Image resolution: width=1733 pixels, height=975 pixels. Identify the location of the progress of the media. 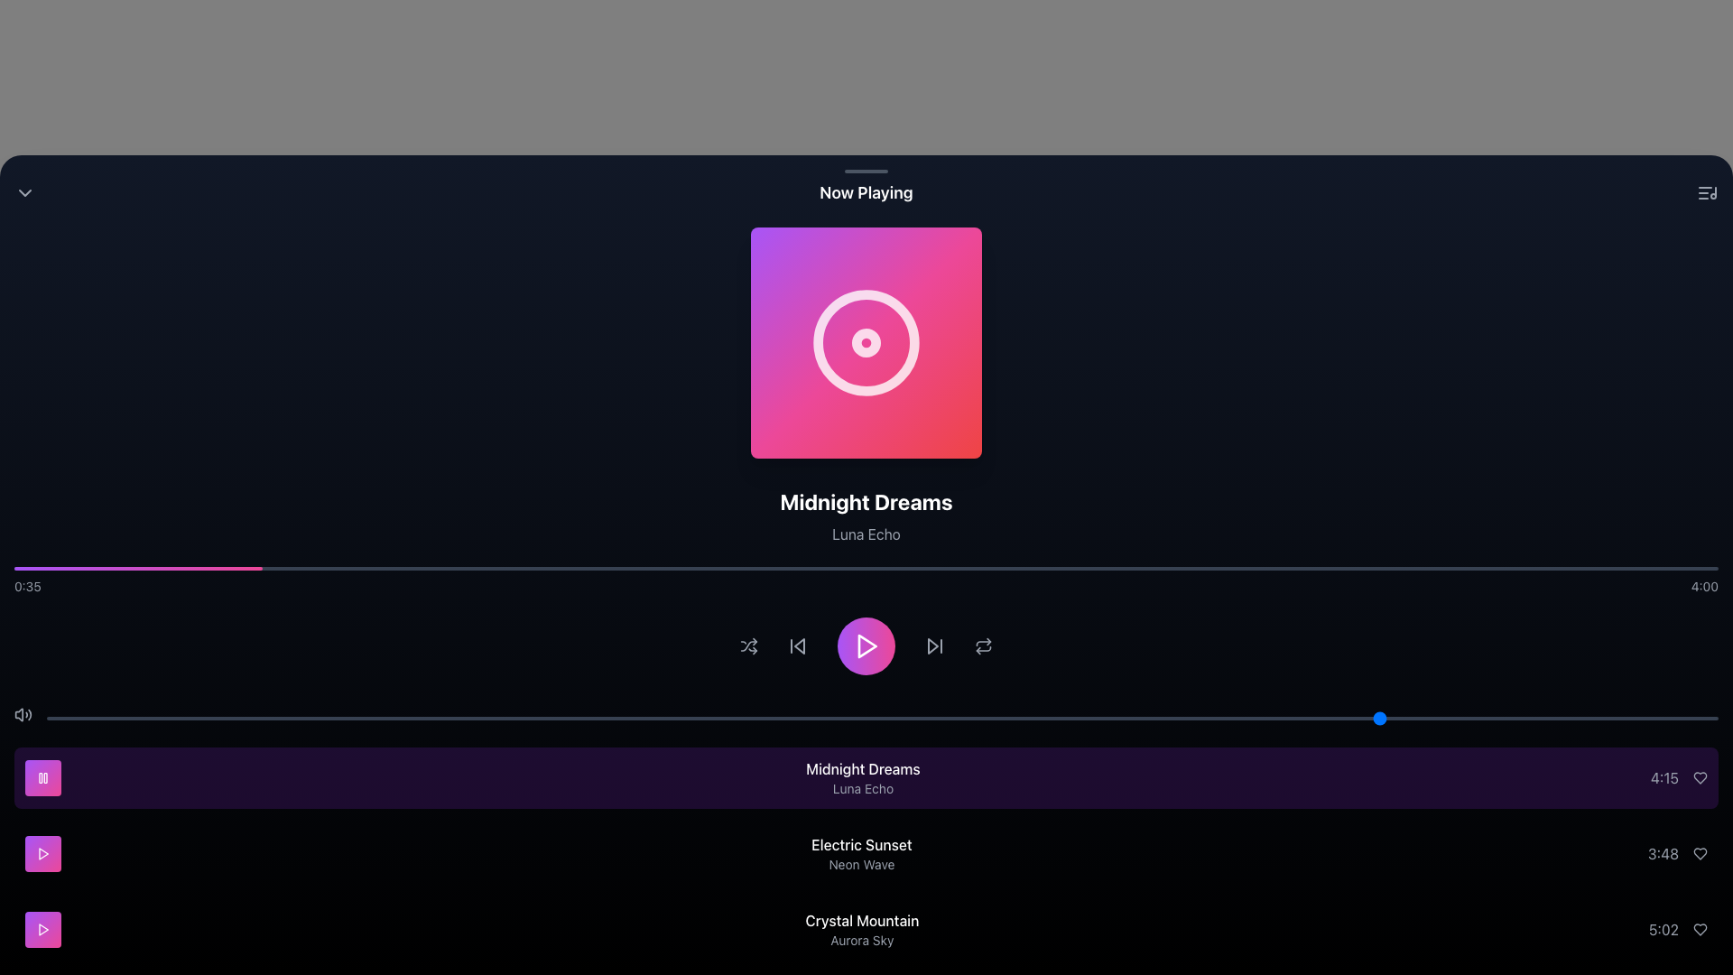
(1650, 567).